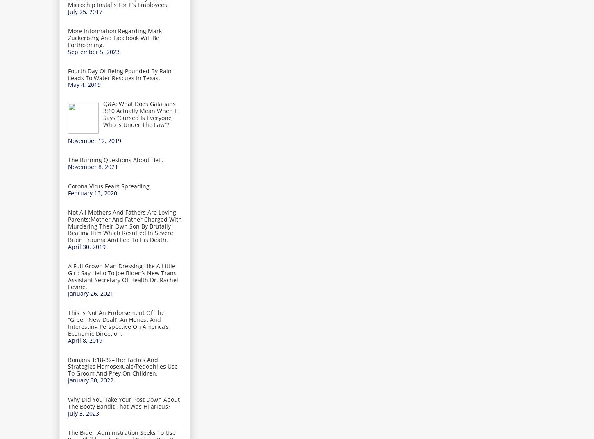 The width and height of the screenshot is (594, 439). Describe the element at coordinates (92, 192) in the screenshot. I see `'February 13, 2020'` at that location.